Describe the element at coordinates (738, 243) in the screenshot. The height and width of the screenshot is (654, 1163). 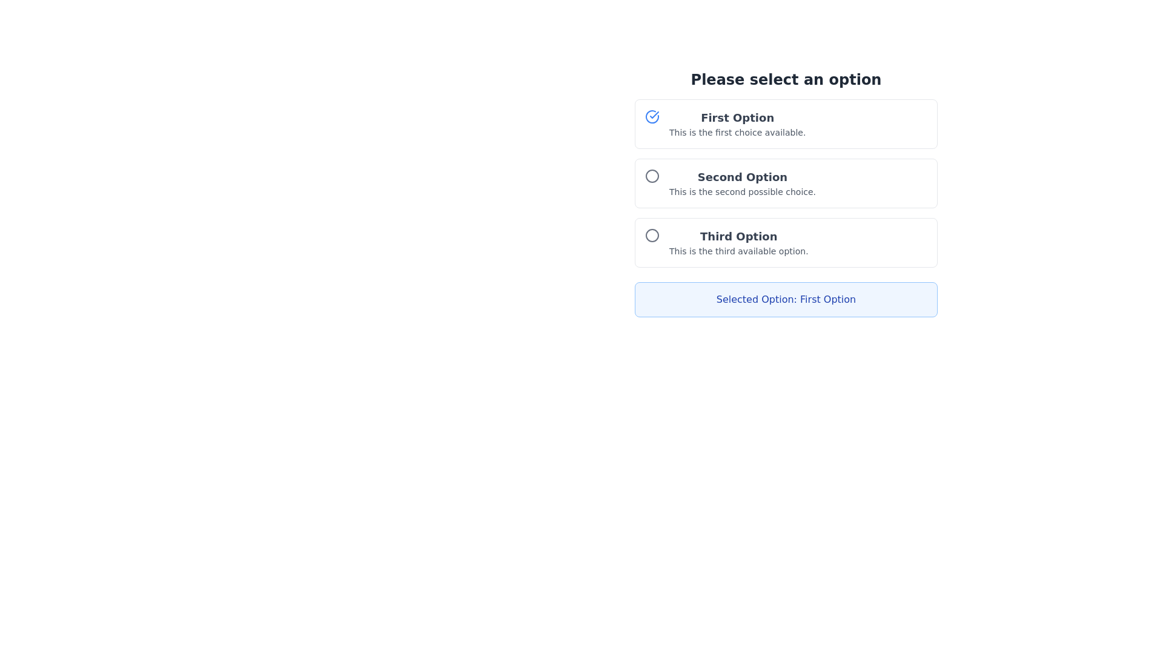
I see `the text label displaying 'Third Option' which is part of a vertical list of options, positioned below 'Second Option' and above the blue button labeled 'Selected Option: First Option'` at that location.